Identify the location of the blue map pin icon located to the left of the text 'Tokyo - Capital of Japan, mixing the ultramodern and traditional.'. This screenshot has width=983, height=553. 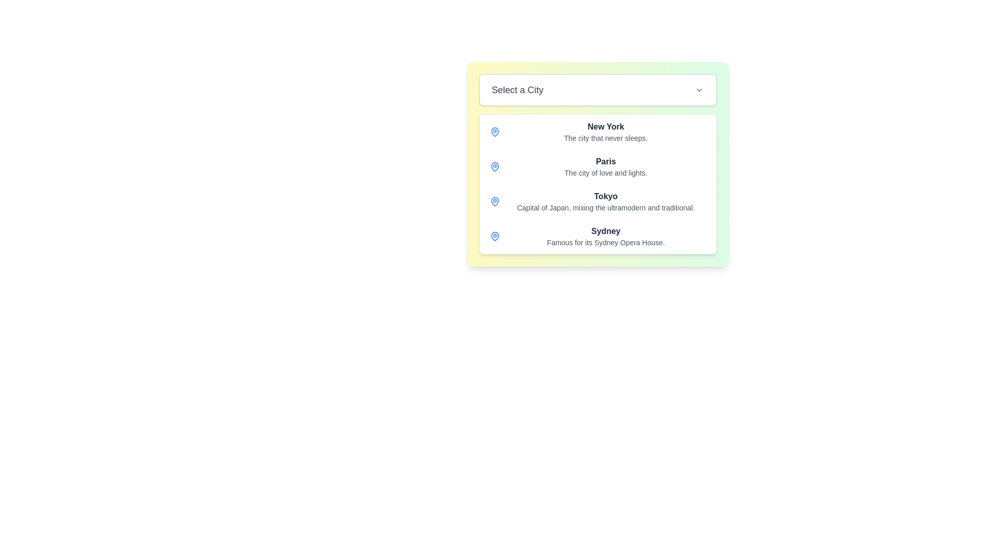
(495, 201).